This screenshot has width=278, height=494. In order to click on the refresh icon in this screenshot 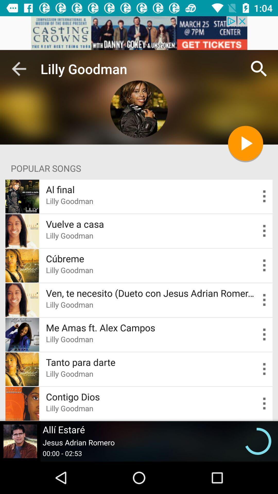, I will do `click(258, 441)`.